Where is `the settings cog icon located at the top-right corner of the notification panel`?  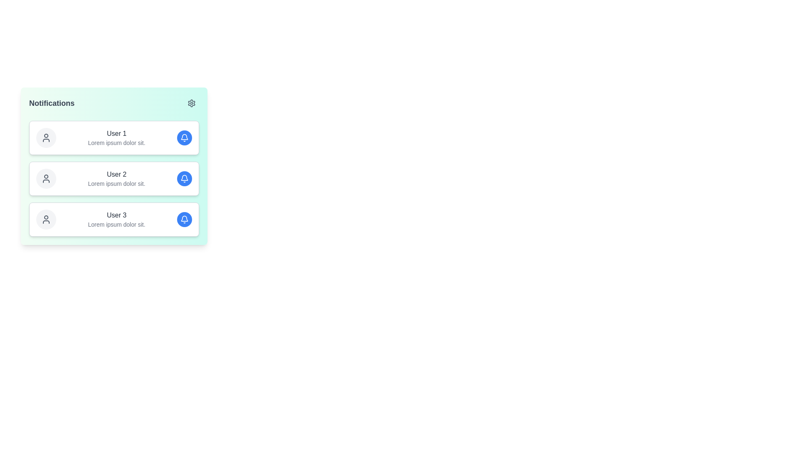
the settings cog icon located at the top-right corner of the notification panel is located at coordinates (191, 102).